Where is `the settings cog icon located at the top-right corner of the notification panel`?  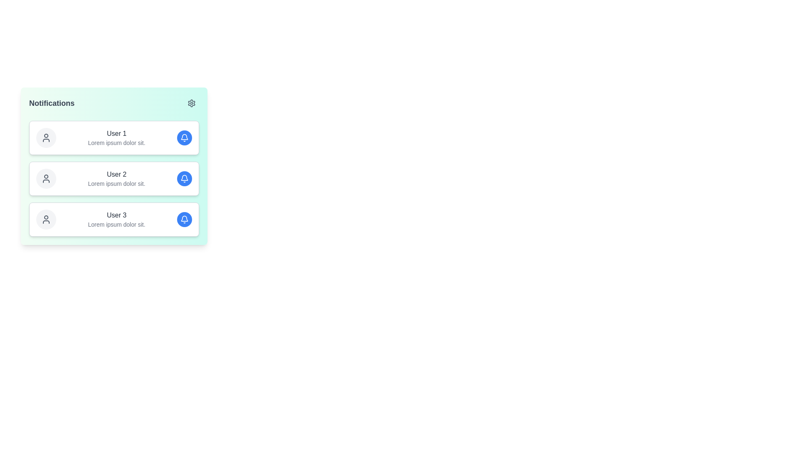
the settings cog icon located at the top-right corner of the notification panel is located at coordinates (191, 102).